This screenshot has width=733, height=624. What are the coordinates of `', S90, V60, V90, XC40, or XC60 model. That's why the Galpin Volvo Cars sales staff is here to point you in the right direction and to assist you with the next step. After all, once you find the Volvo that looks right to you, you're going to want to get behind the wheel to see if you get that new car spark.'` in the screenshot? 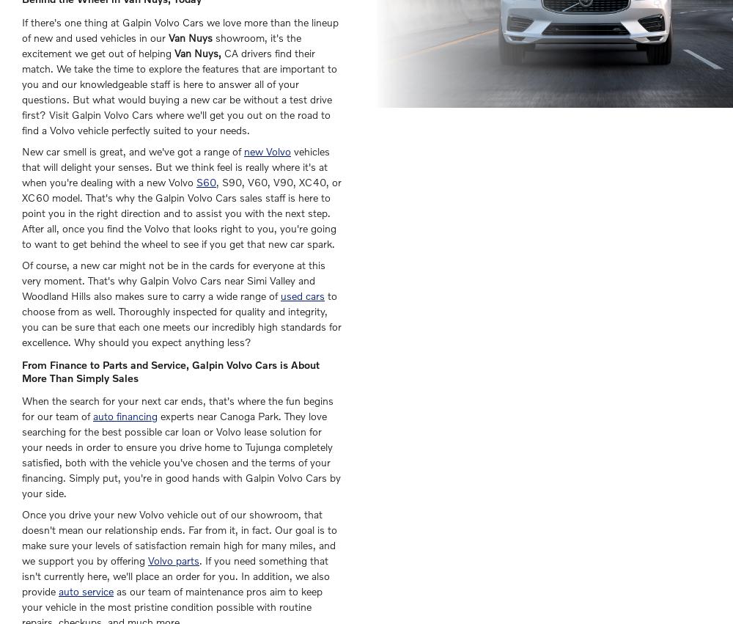 It's located at (181, 213).